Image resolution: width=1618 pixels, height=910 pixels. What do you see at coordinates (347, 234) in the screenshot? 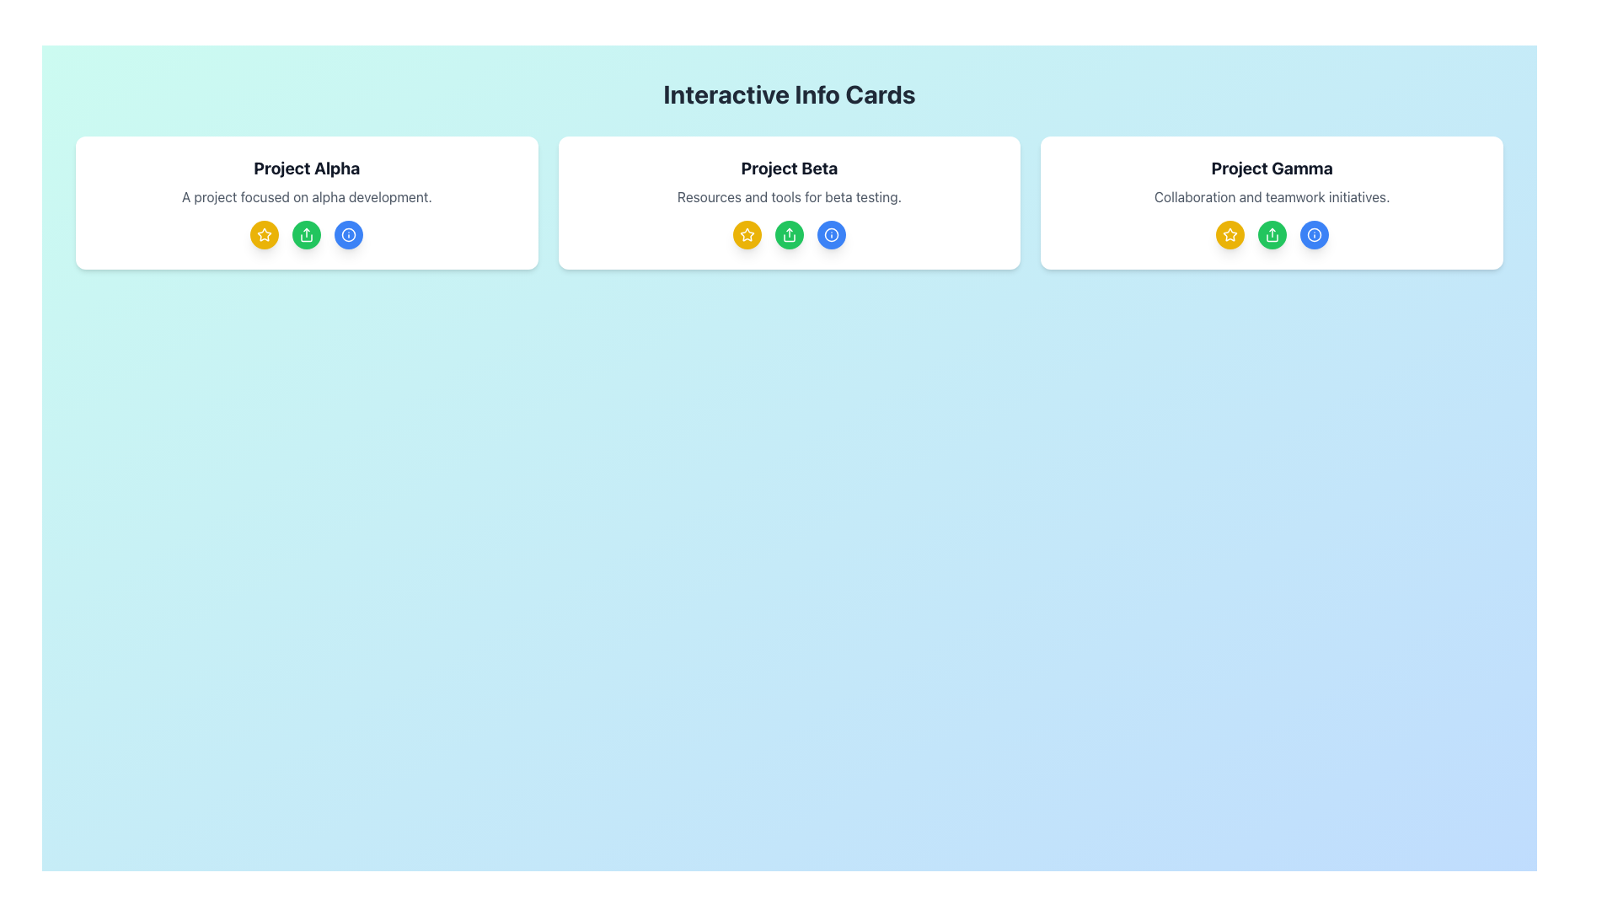
I see `the 'Information' button located to the far right in the row of three circular buttons beneath 'Project Alpha'` at bounding box center [347, 234].